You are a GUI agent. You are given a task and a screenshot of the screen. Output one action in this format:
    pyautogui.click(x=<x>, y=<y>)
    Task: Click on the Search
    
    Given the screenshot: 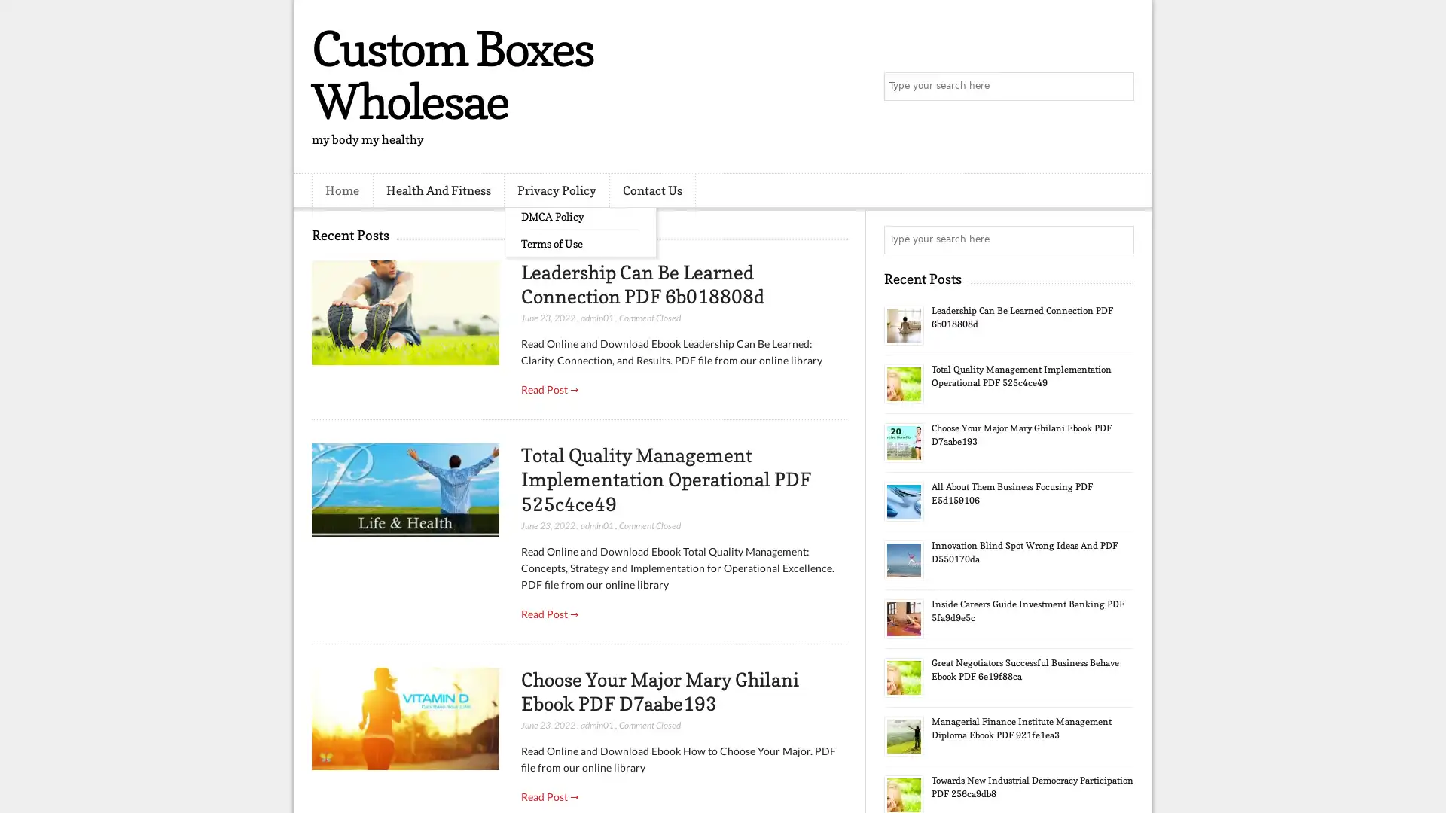 What is the action you would take?
    pyautogui.click(x=1118, y=239)
    